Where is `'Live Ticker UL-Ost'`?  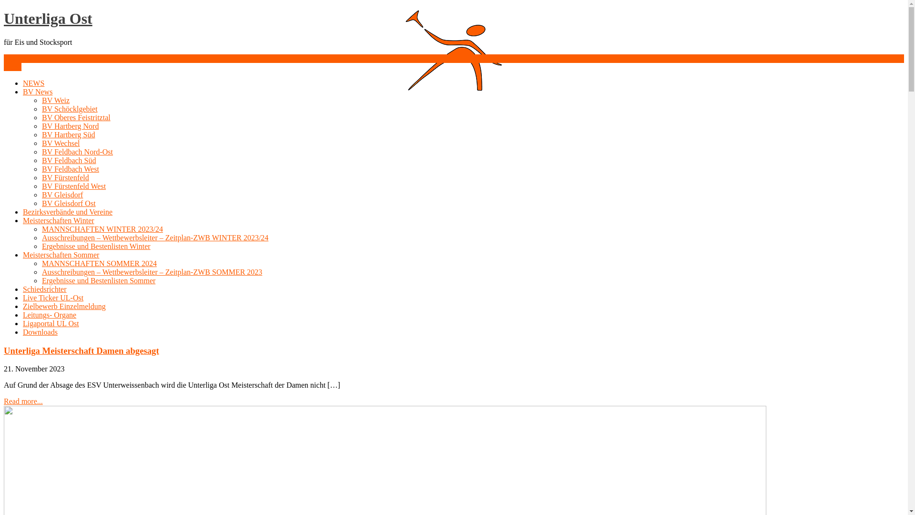
'Live Ticker UL-Ost' is located at coordinates (52, 297).